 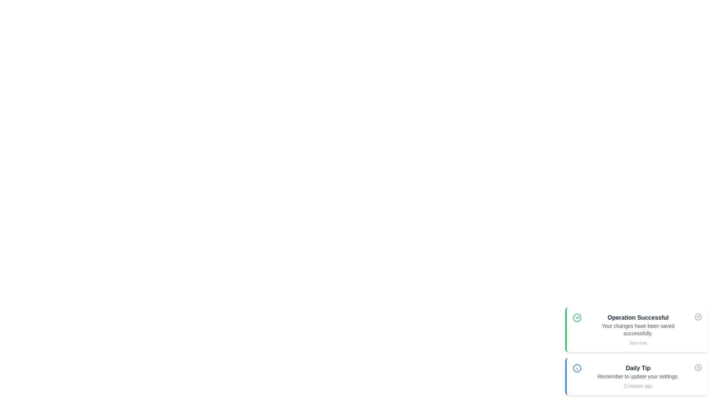 I want to click on the circular outline of the cross mark button in the 'Daily Tip' notification box, so click(x=698, y=368).